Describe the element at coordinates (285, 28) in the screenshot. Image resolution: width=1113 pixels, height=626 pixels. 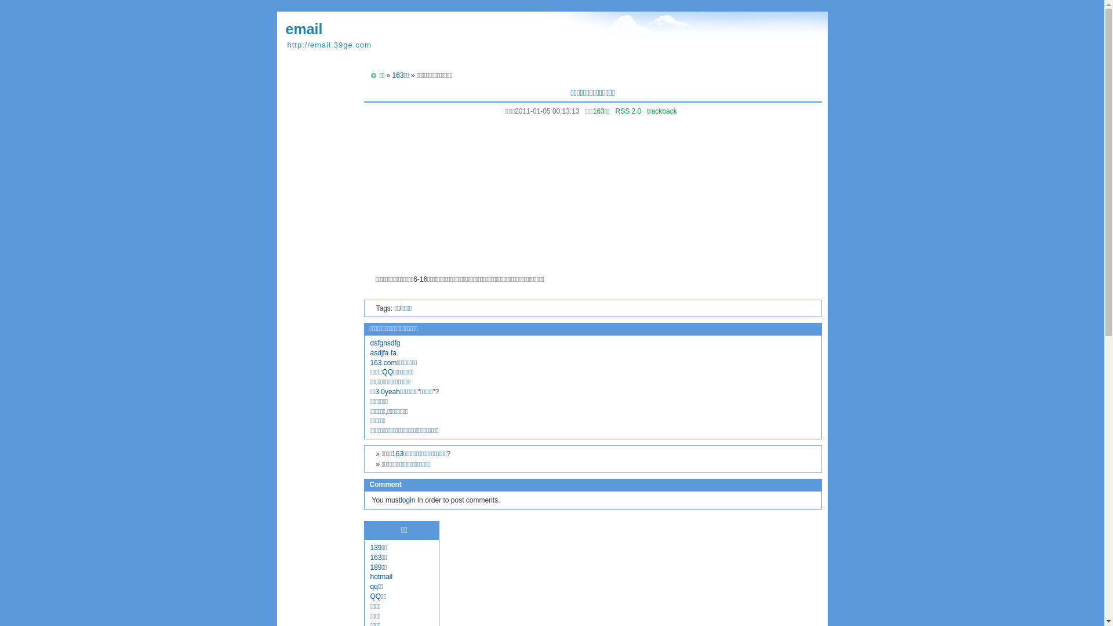
I see `'email'` at that location.